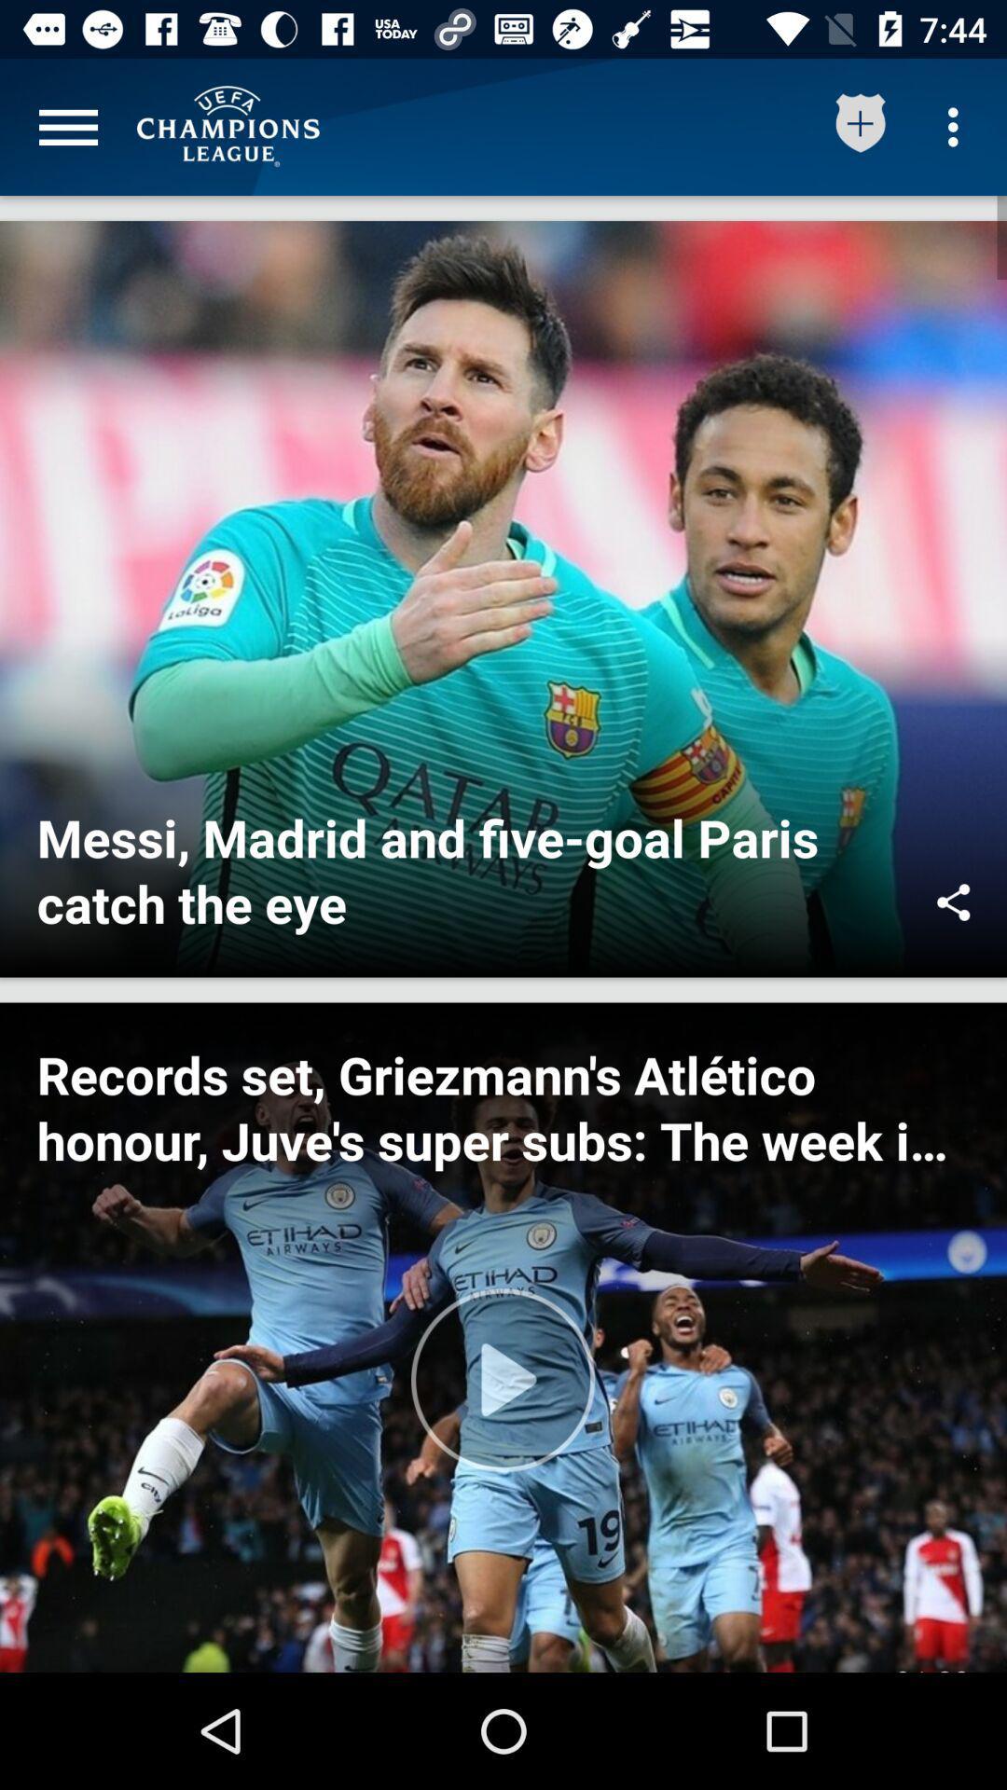  What do you see at coordinates (67, 126) in the screenshot?
I see `menu` at bounding box center [67, 126].